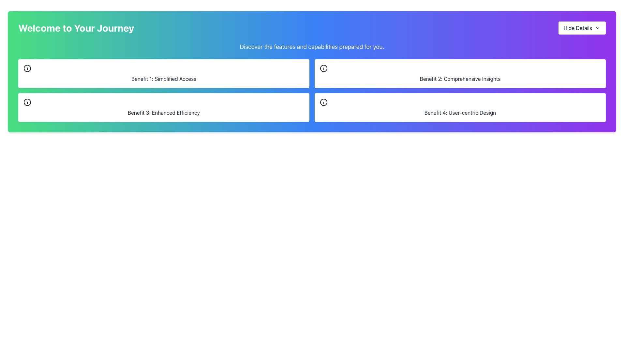  Describe the element at coordinates (598, 27) in the screenshot. I see `the chevron icon located at the top-right corner of the 'Hide Details' button` at that location.